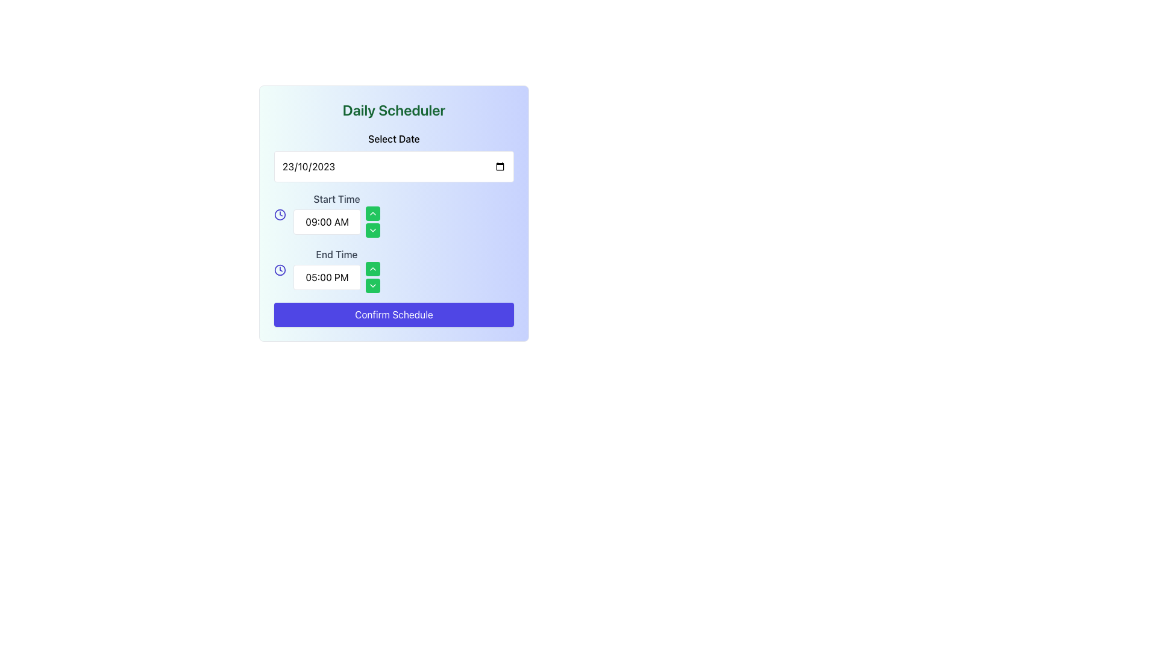 The image size is (1157, 650). I want to click on the down button of the increment and decrement button group located to the right of the 'End Time' field in the 'Daily Scheduler' panel to decrease the time, so click(372, 277).